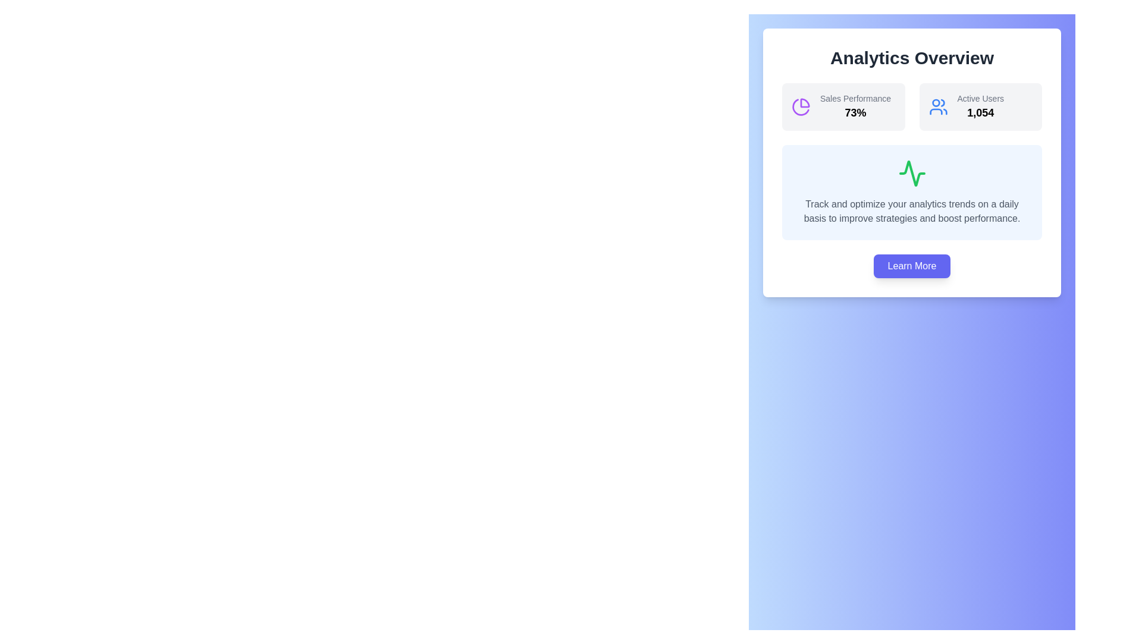  What do you see at coordinates (911, 174) in the screenshot?
I see `the activity icon that symbolizes trends within the analytics card, located centrally above the descriptive text block and below the performance metrics indicators` at bounding box center [911, 174].